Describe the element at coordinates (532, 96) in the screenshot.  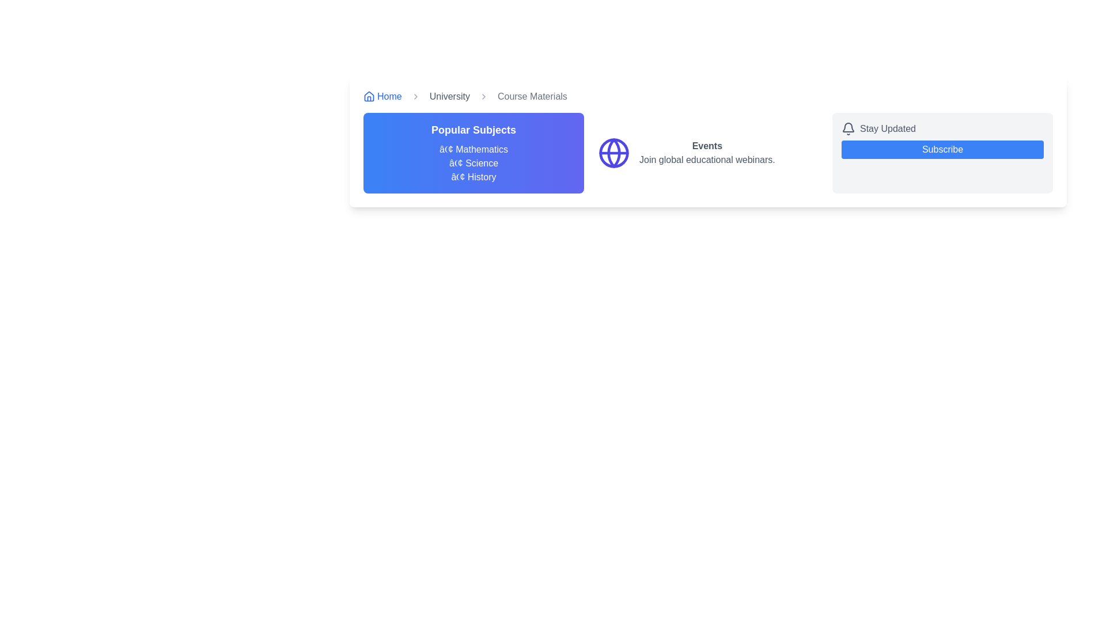
I see `the static text label that serves as the endpoint of the breadcrumb navigation, located to the right of 'Home' and 'University'` at that location.